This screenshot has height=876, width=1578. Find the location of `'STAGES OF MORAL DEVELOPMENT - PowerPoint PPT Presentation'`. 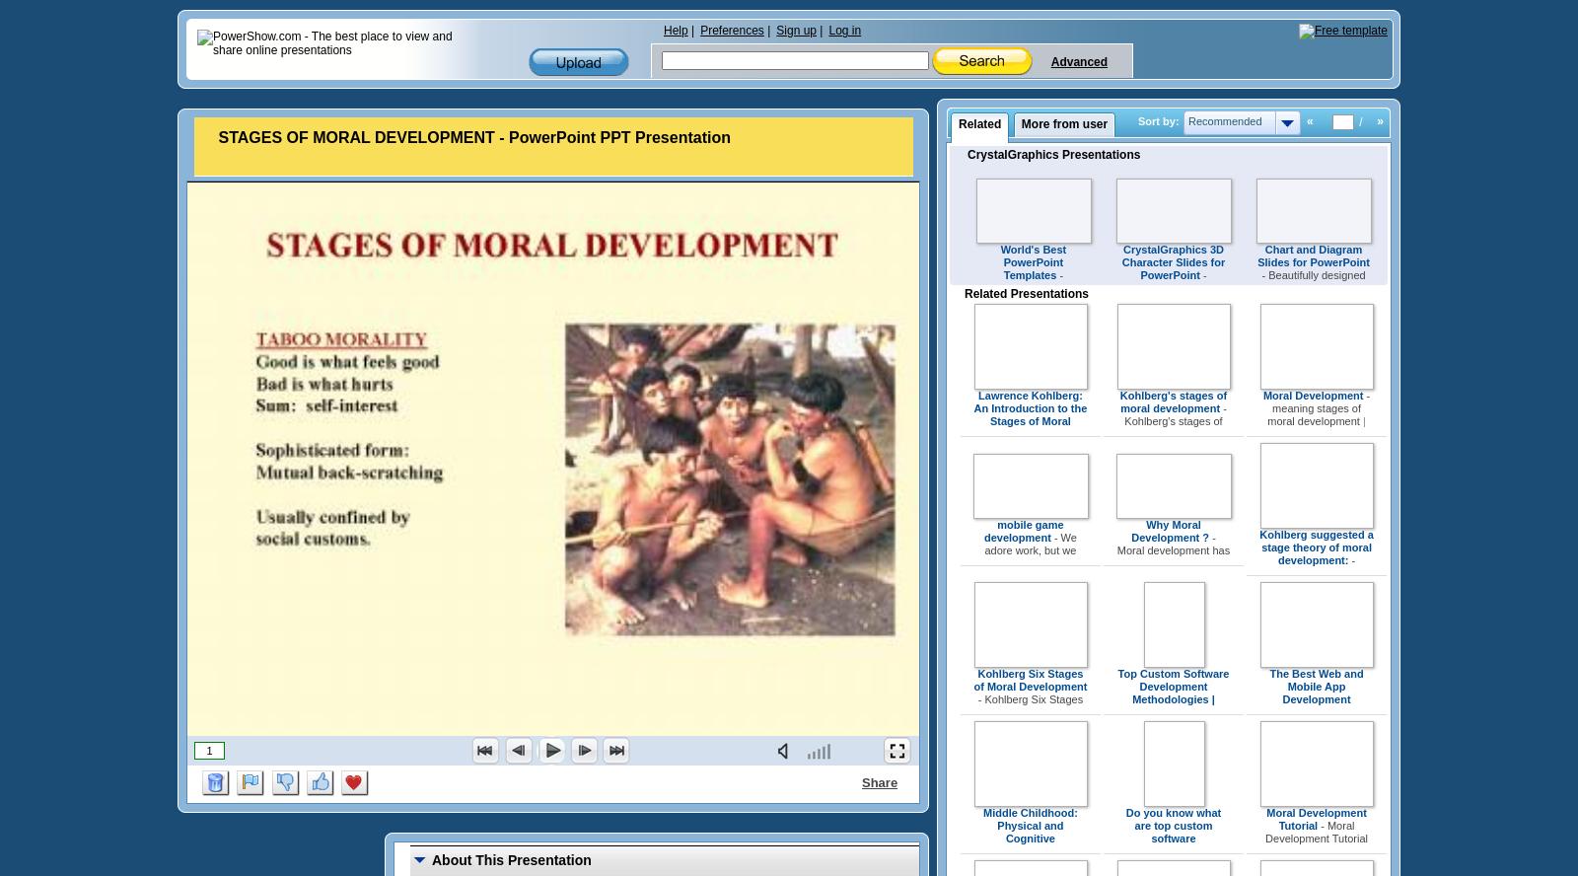

'STAGES OF MORAL DEVELOPMENT - PowerPoint PPT Presentation' is located at coordinates (472, 137).